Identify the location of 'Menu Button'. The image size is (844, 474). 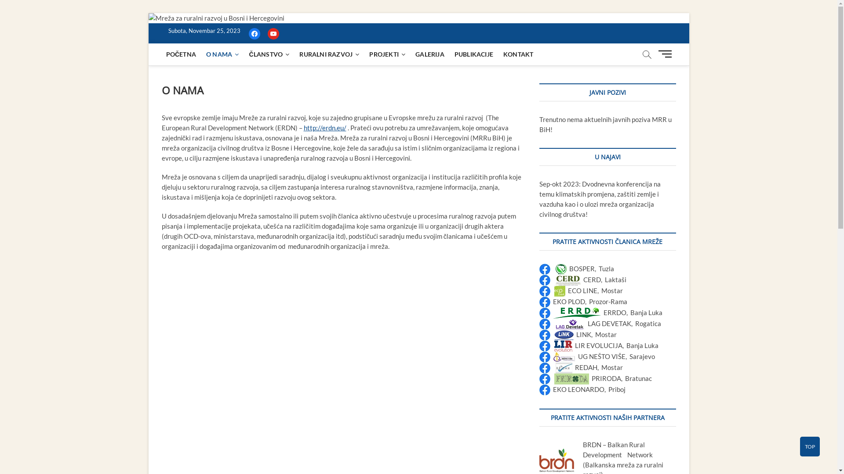
(666, 54).